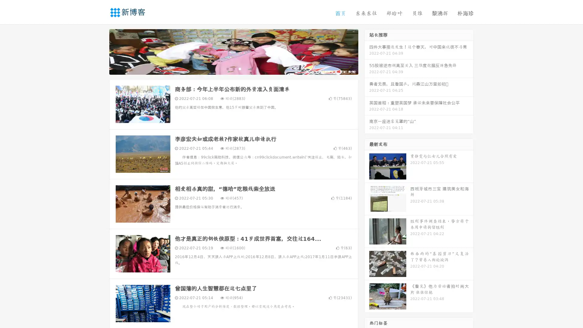 This screenshot has width=583, height=328. What do you see at coordinates (367, 51) in the screenshot?
I see `Next slide` at bounding box center [367, 51].